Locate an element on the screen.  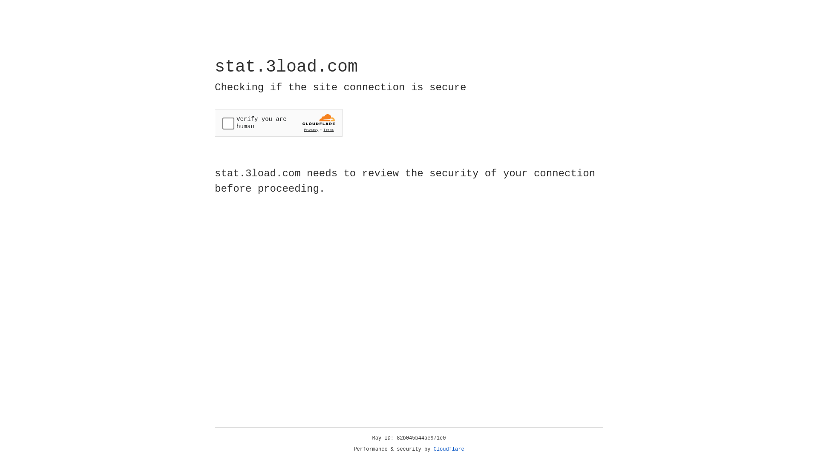
'Cloudflare' is located at coordinates (433, 449).